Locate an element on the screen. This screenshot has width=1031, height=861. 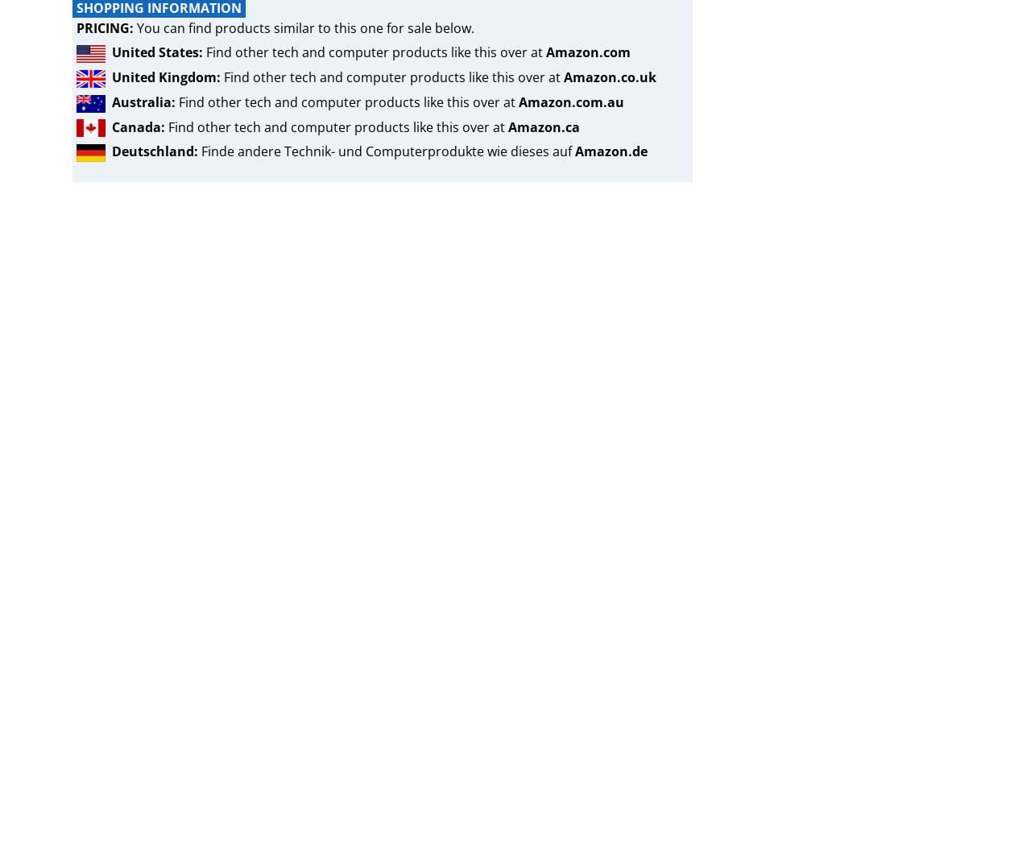
'PRICING:' is located at coordinates (104, 27).